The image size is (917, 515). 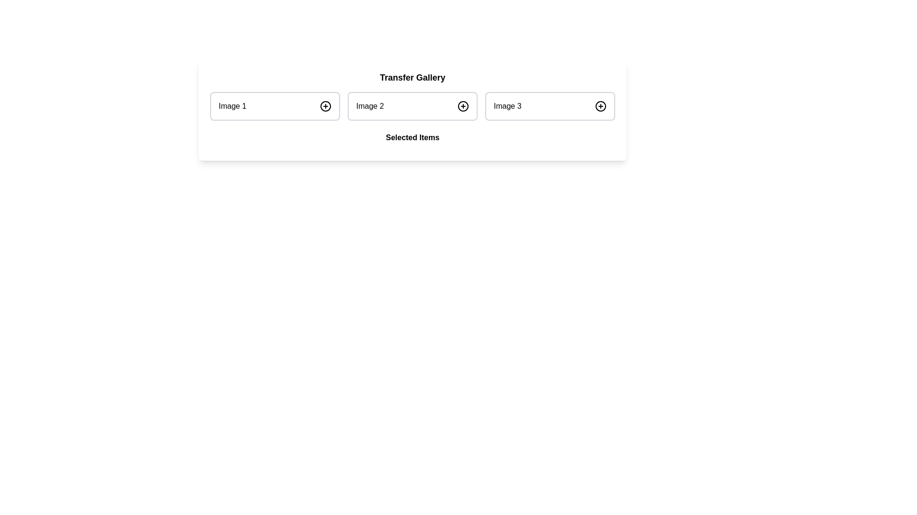 I want to click on the Text Label that identifies the second item in a series of images, located centrally in the second panel of three horizontally arranged items labeled 'Image 1', 'Image 2', and 'Image 3', so click(x=369, y=106).